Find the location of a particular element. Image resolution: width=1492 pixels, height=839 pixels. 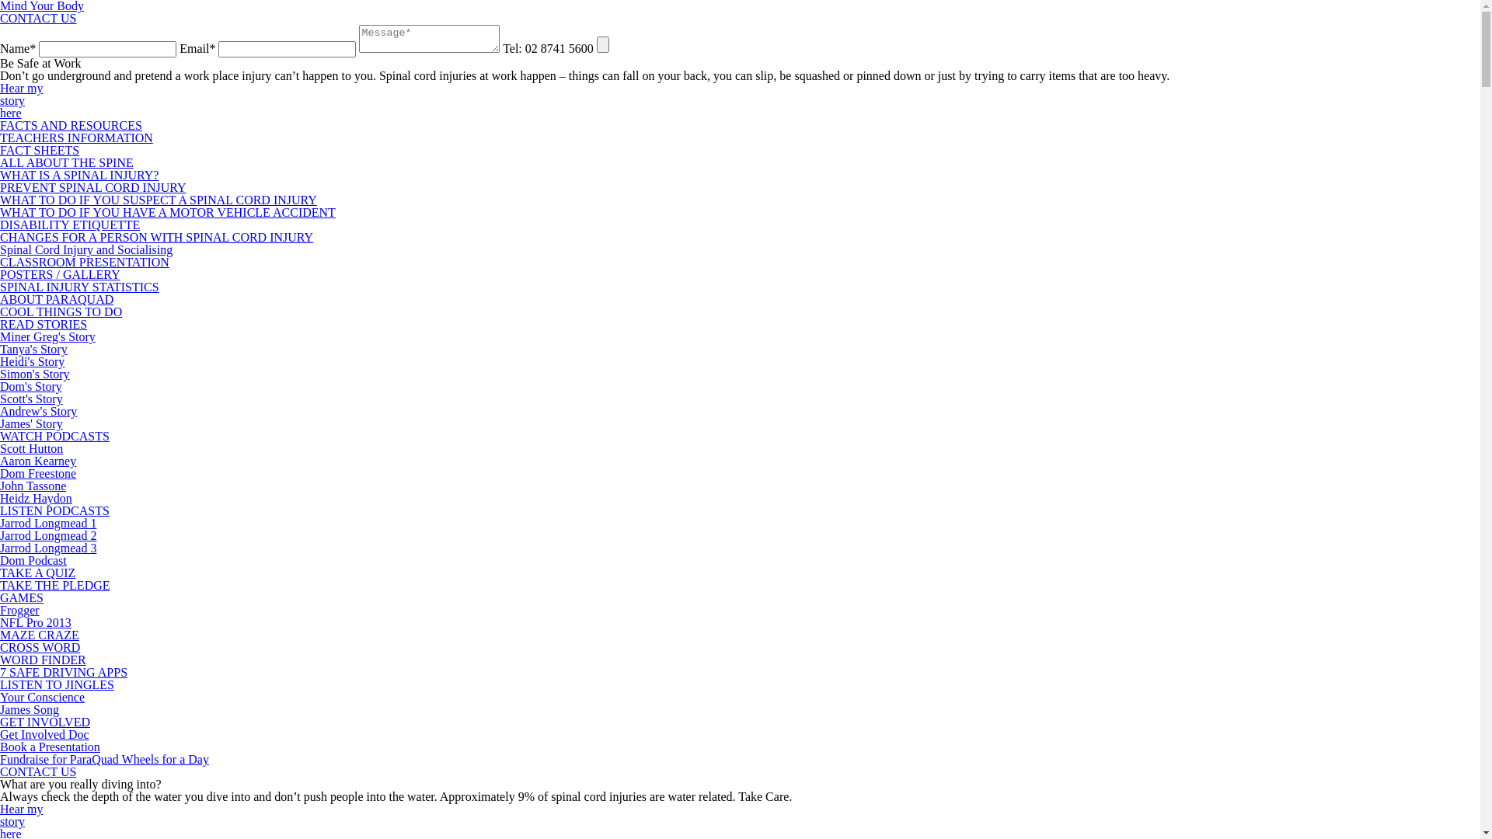

'COOL THINGS TO DO' is located at coordinates (0, 312).